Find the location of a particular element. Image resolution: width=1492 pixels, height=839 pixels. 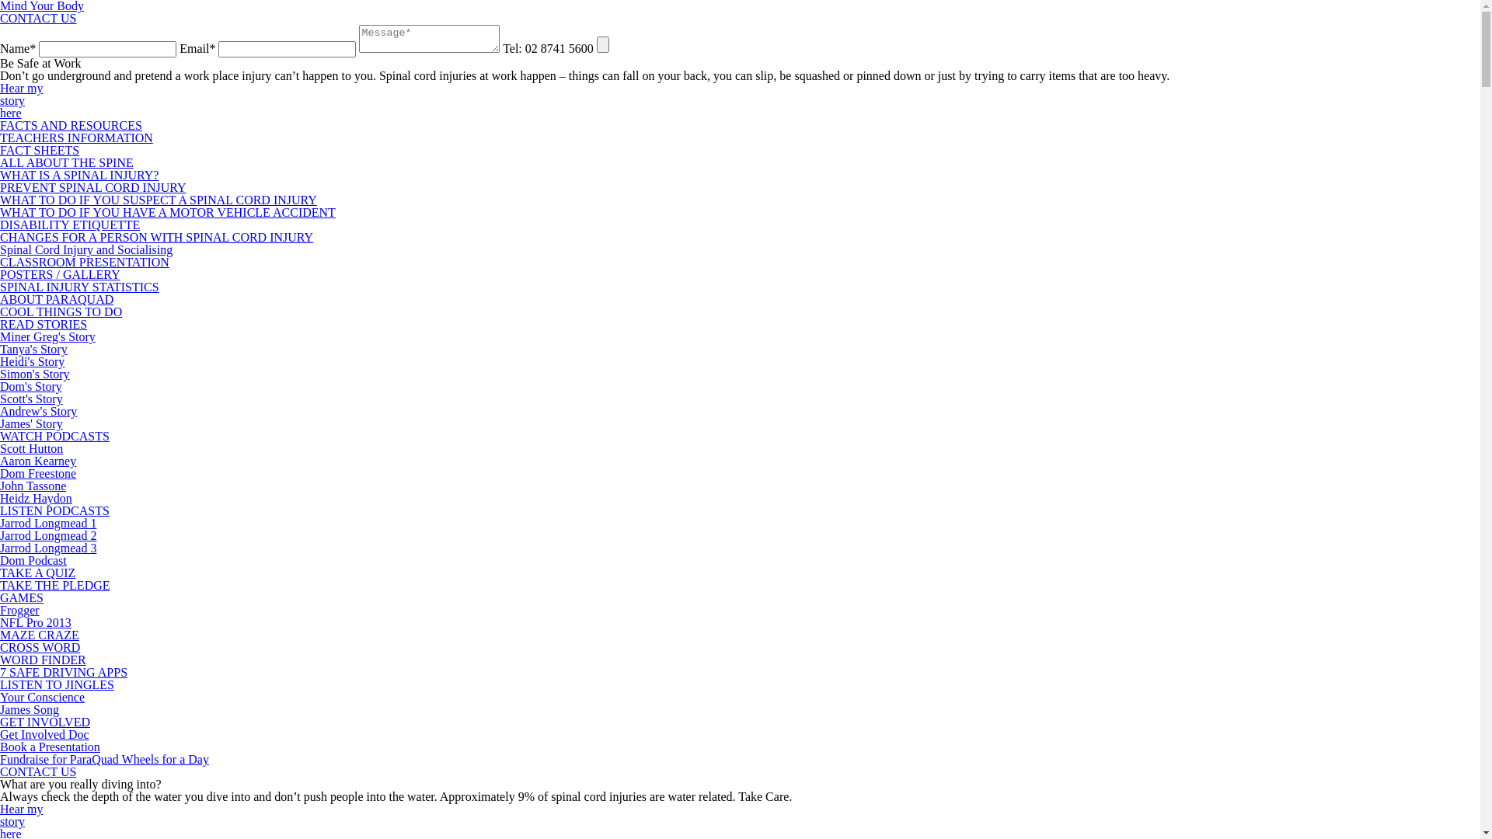

'COOL THINGS TO DO' is located at coordinates (0, 312).